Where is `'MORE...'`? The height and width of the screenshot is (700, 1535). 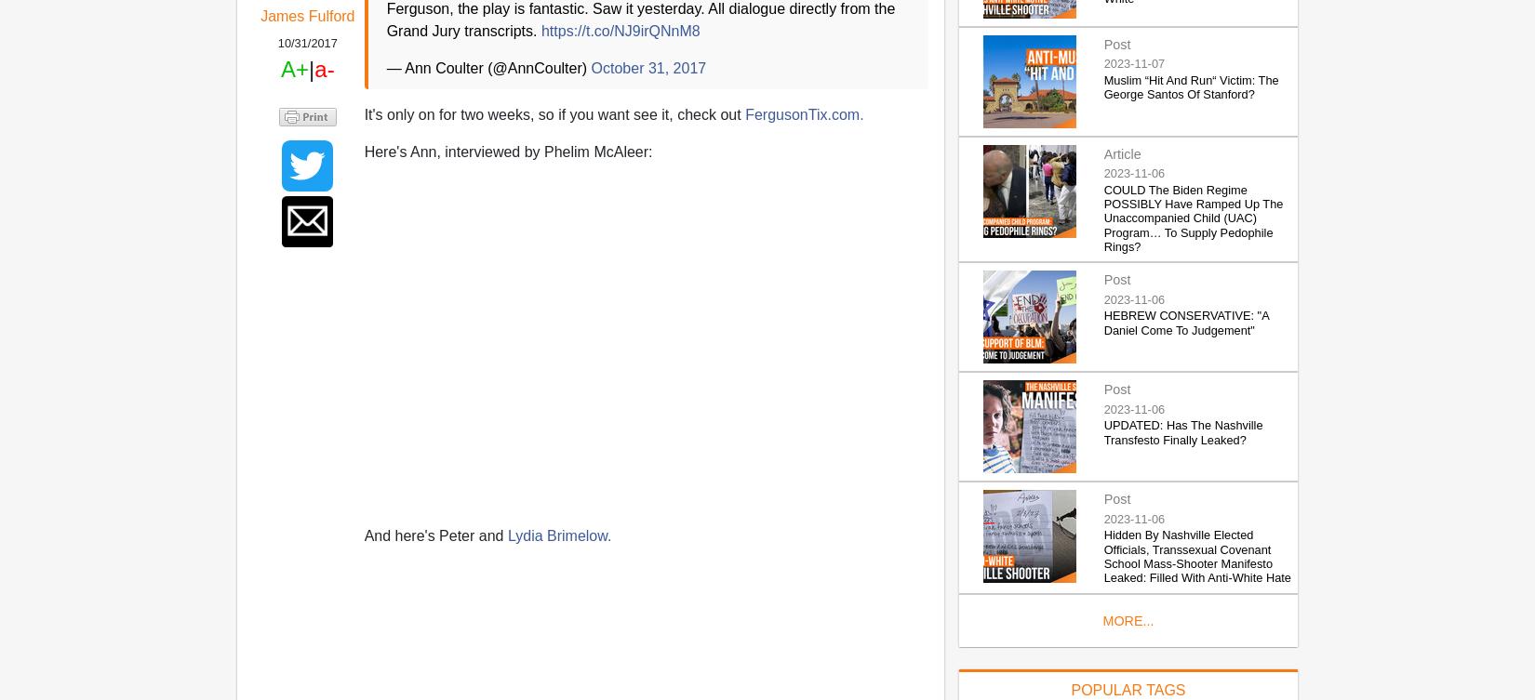
'MORE...' is located at coordinates (1128, 619).